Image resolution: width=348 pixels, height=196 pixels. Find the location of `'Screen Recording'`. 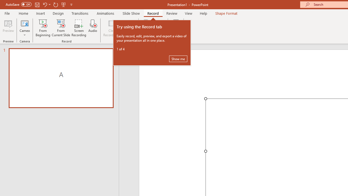

'Screen Recording' is located at coordinates (79, 28).